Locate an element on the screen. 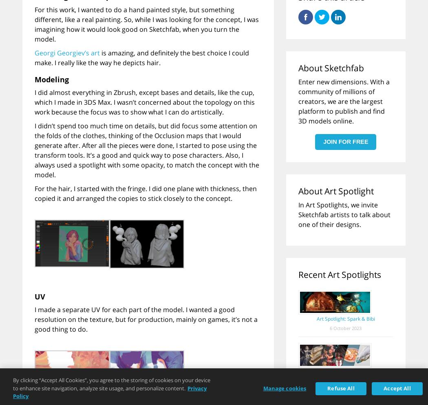 The width and height of the screenshot is (428, 405). 'I didn’t spend too much time on details, but did focus some attention on the folds of the clothes, thinking of the Occlusion maps that I would generate after. After all the pieces were done, I started to pose using the transform tools. It’s a good and quick way to pose characters. Also, I always used a spotlight with some opacity, to match the concept with the model.' is located at coordinates (146, 150).